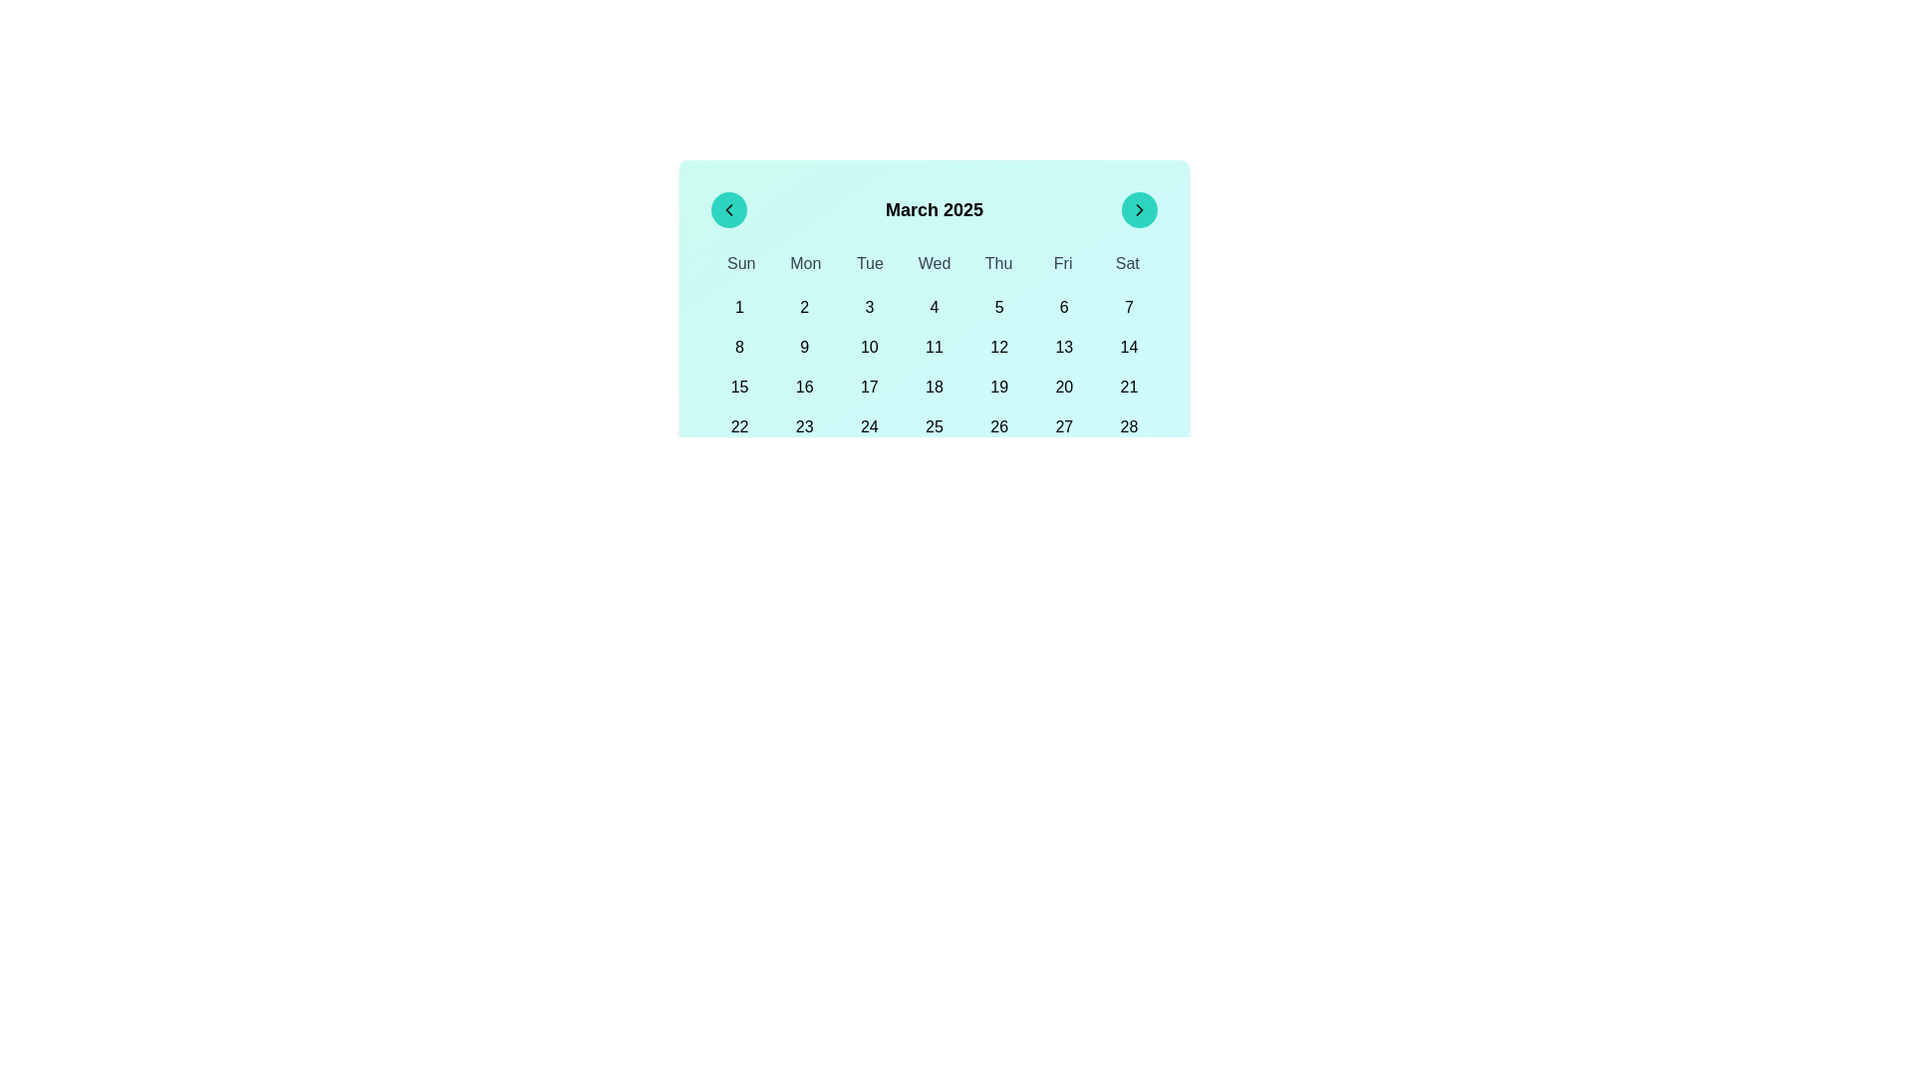 This screenshot has width=1913, height=1076. What do you see at coordinates (1139, 210) in the screenshot?
I see `the right-chevron arrow icon` at bounding box center [1139, 210].